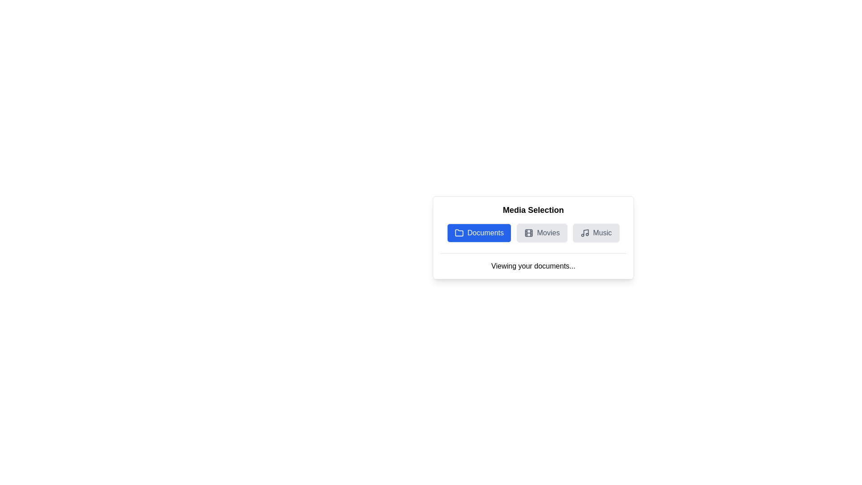  Describe the element at coordinates (479, 233) in the screenshot. I see `the 'Documents' button using keyboard navigation to focus on the element, which is a blue button with white text and a folder icon` at that location.